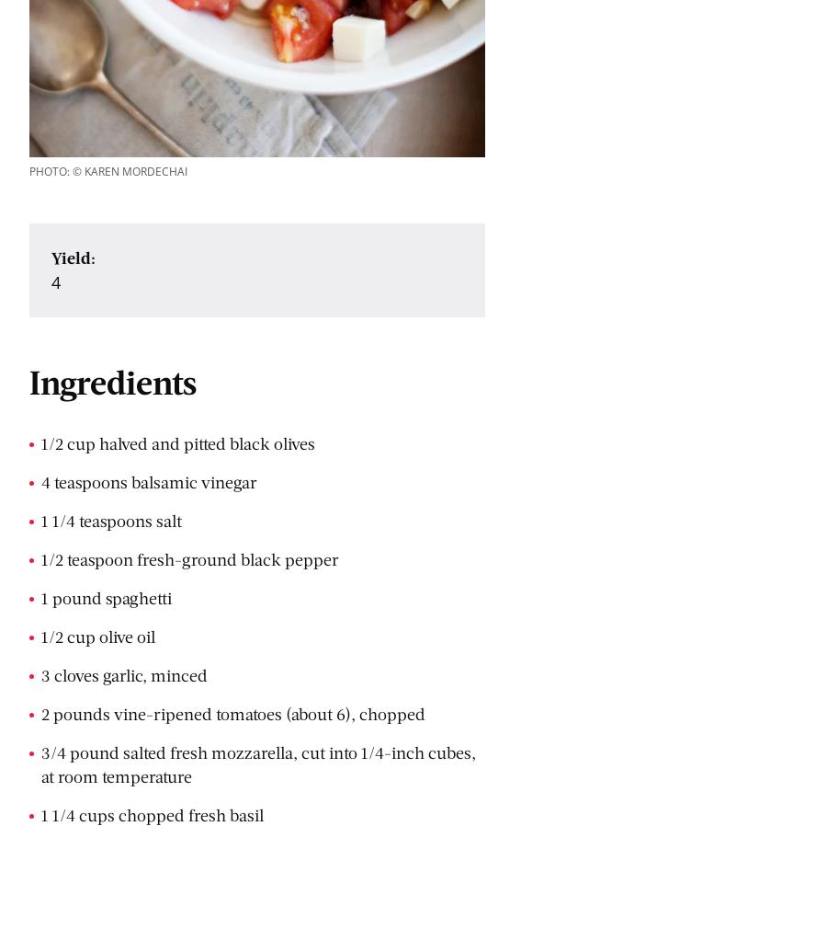  I want to click on '1 1/4 teaspoons salt', so click(111, 521).